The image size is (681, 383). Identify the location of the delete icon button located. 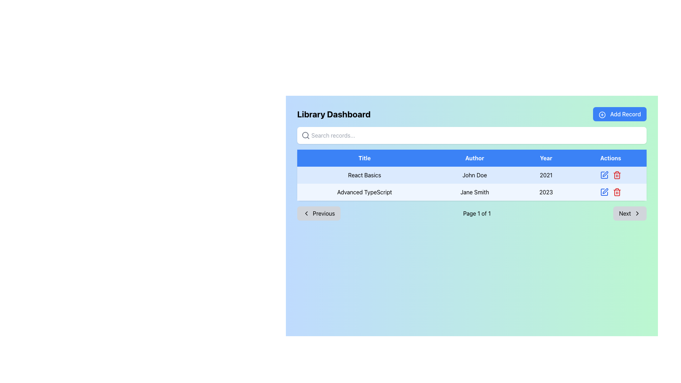
(616, 175).